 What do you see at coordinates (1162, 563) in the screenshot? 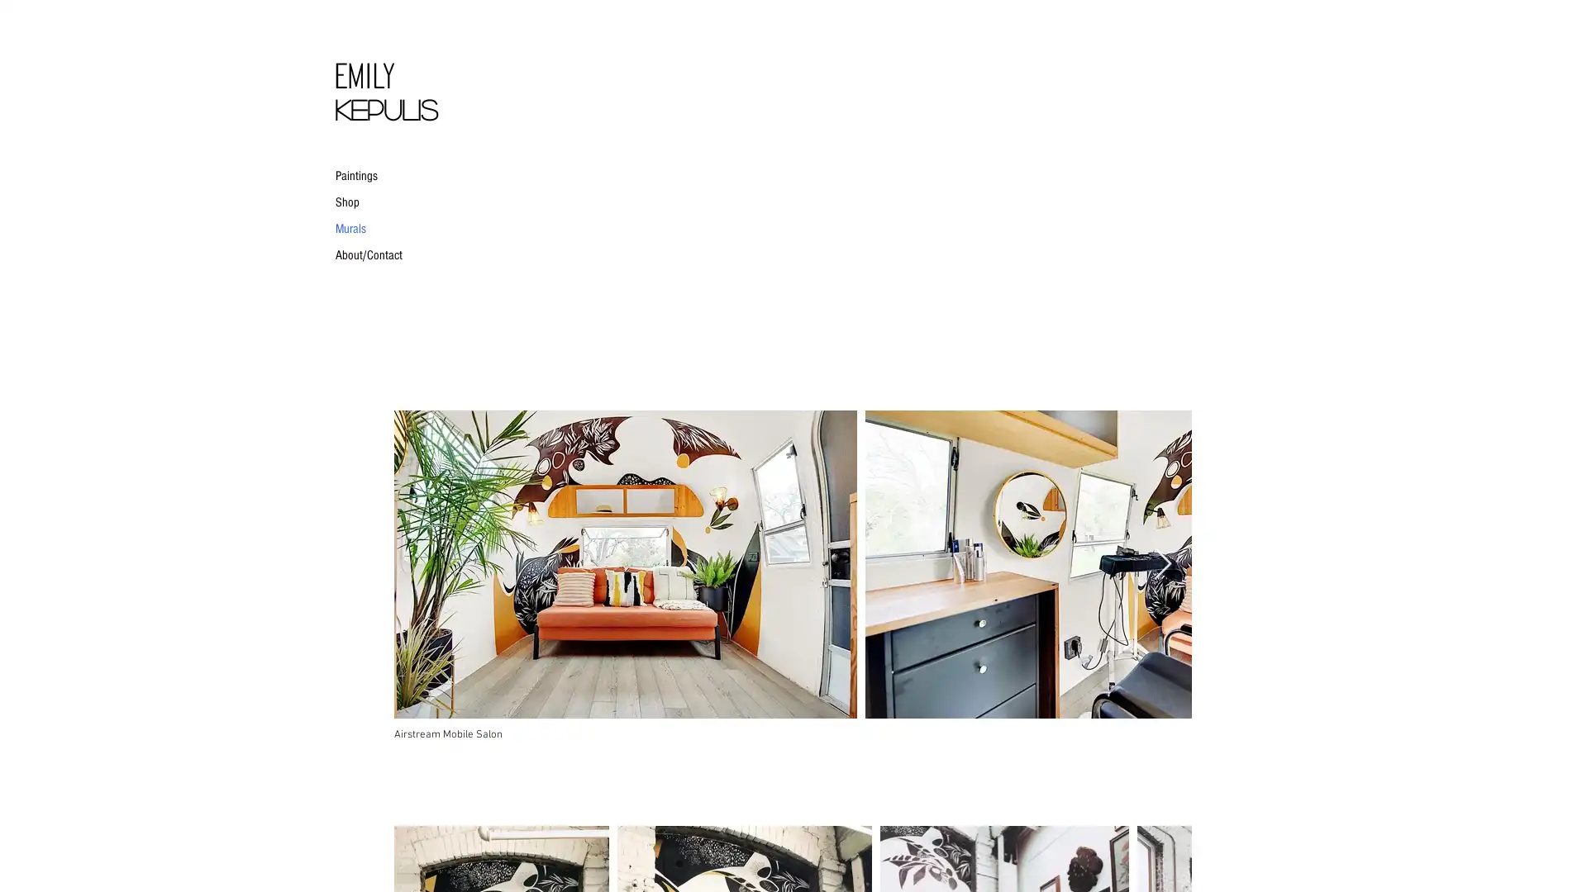
I see `Next Item` at bounding box center [1162, 563].